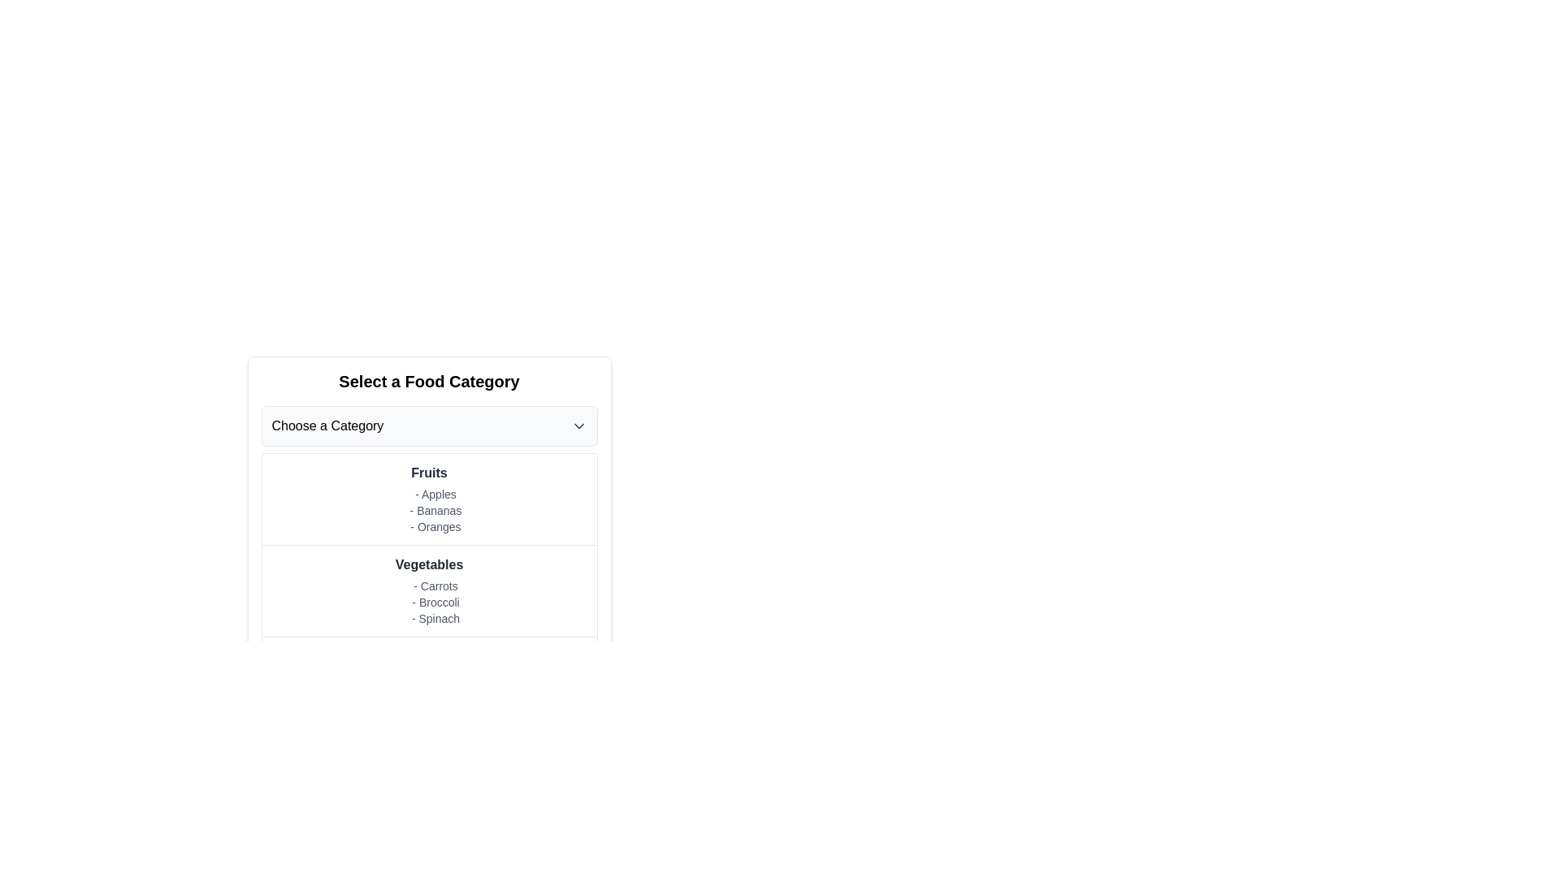 The width and height of the screenshot is (1560, 877). I want to click on the text label within the drop-down menu to interact with the menu and change the selection, so click(327, 425).